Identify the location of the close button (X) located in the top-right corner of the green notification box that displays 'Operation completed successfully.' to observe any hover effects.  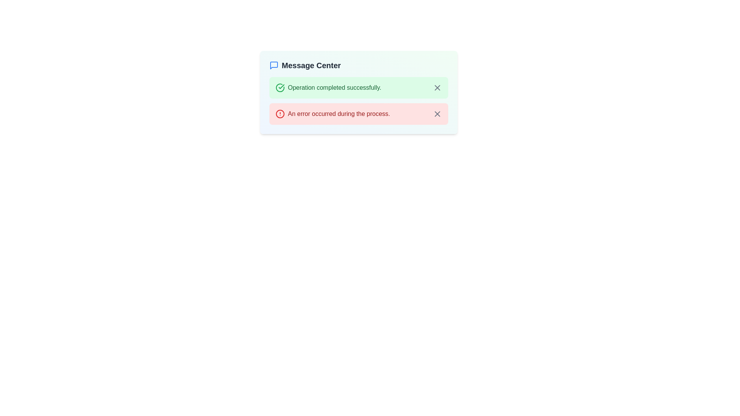
(437, 87).